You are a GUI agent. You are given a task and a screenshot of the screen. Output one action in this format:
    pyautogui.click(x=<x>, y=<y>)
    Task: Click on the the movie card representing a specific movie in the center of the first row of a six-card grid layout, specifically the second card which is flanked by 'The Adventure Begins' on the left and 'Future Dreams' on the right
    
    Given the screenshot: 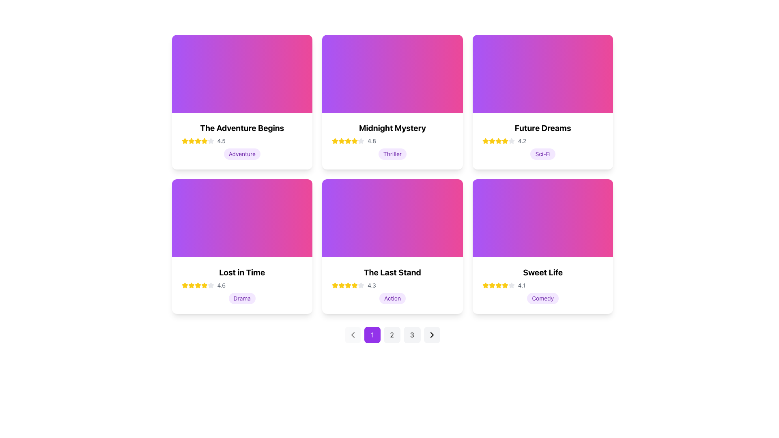 What is the action you would take?
    pyautogui.click(x=392, y=140)
    